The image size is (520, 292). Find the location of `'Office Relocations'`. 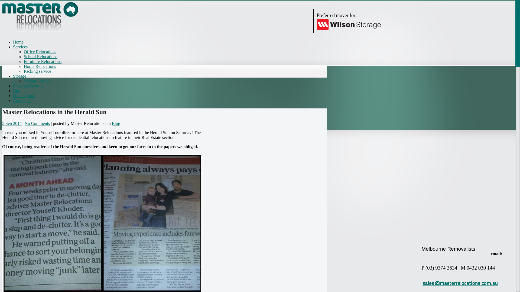

'Office Relocations' is located at coordinates (40, 52).